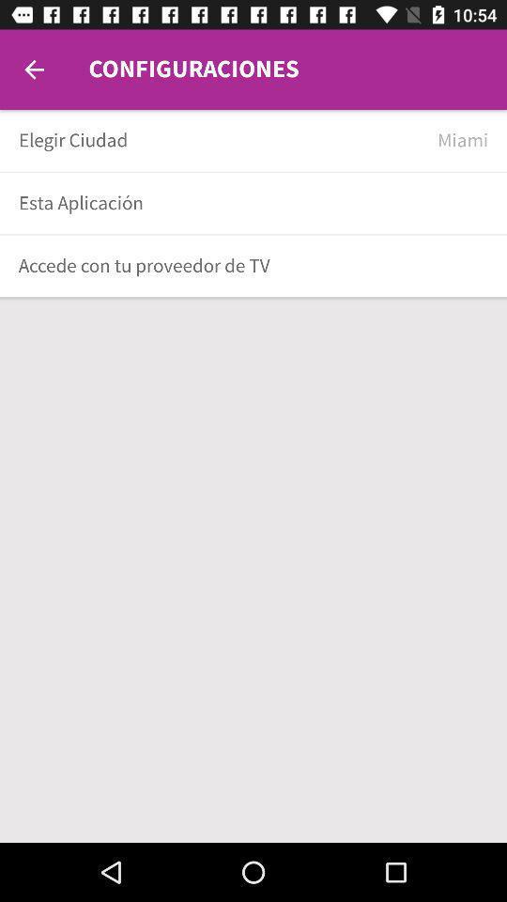 The image size is (507, 902). I want to click on icon next to miami icon, so click(221, 139).